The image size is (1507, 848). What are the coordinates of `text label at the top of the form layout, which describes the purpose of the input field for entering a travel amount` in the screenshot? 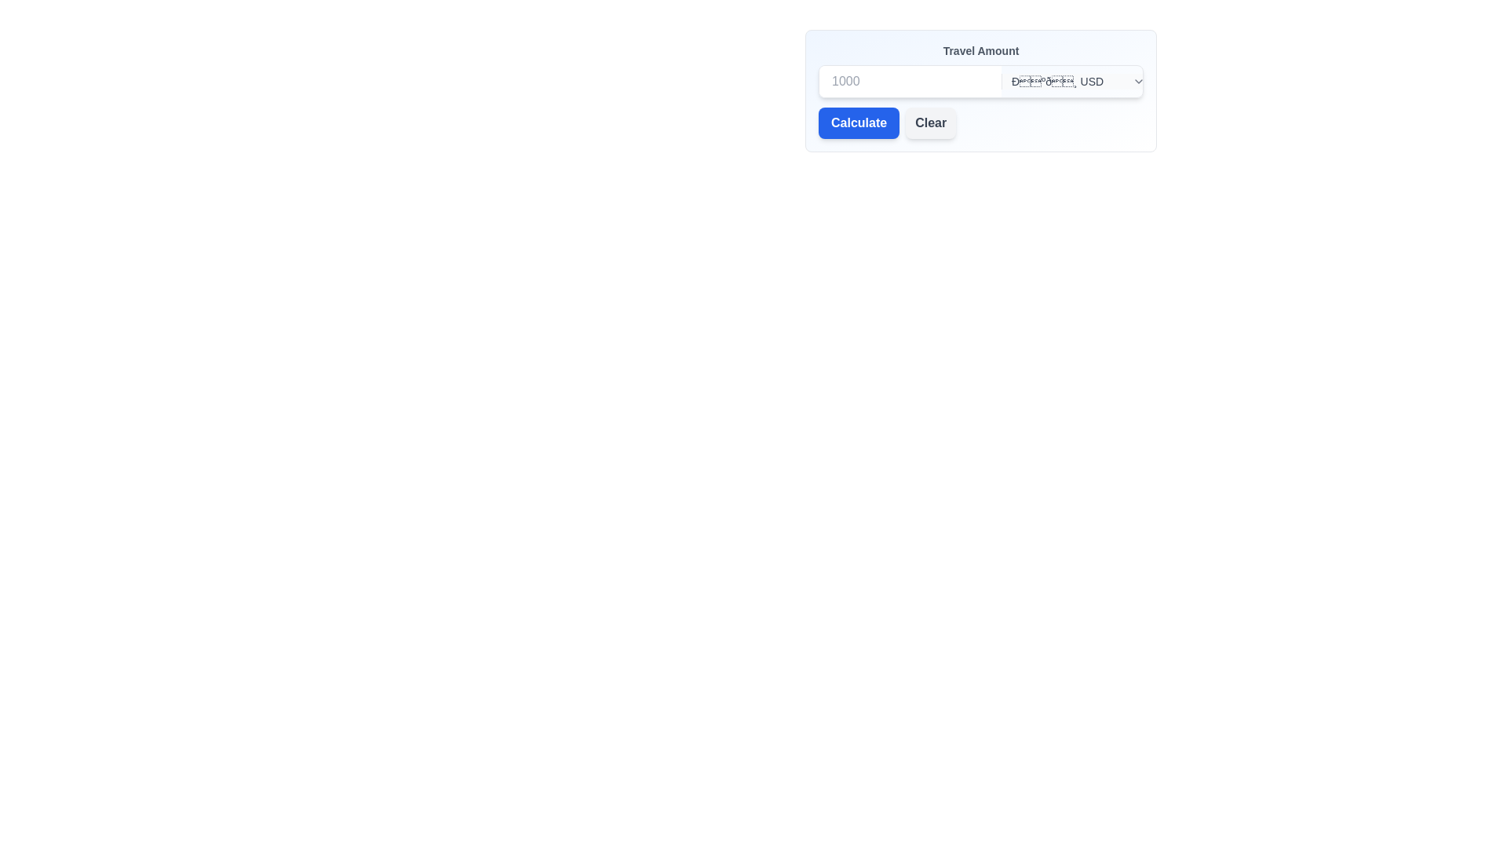 It's located at (980, 50).